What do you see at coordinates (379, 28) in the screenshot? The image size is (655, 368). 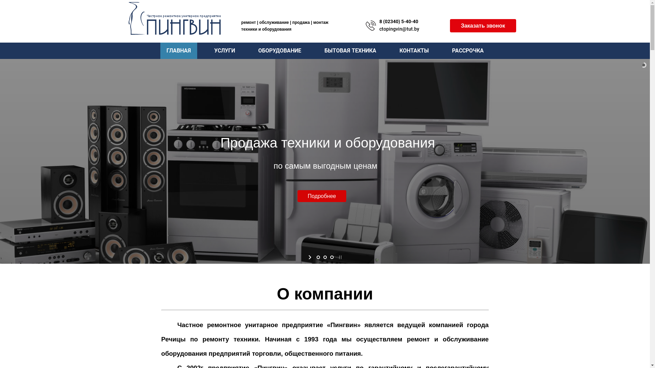 I see `'ctopingvin@tut.by'` at bounding box center [379, 28].